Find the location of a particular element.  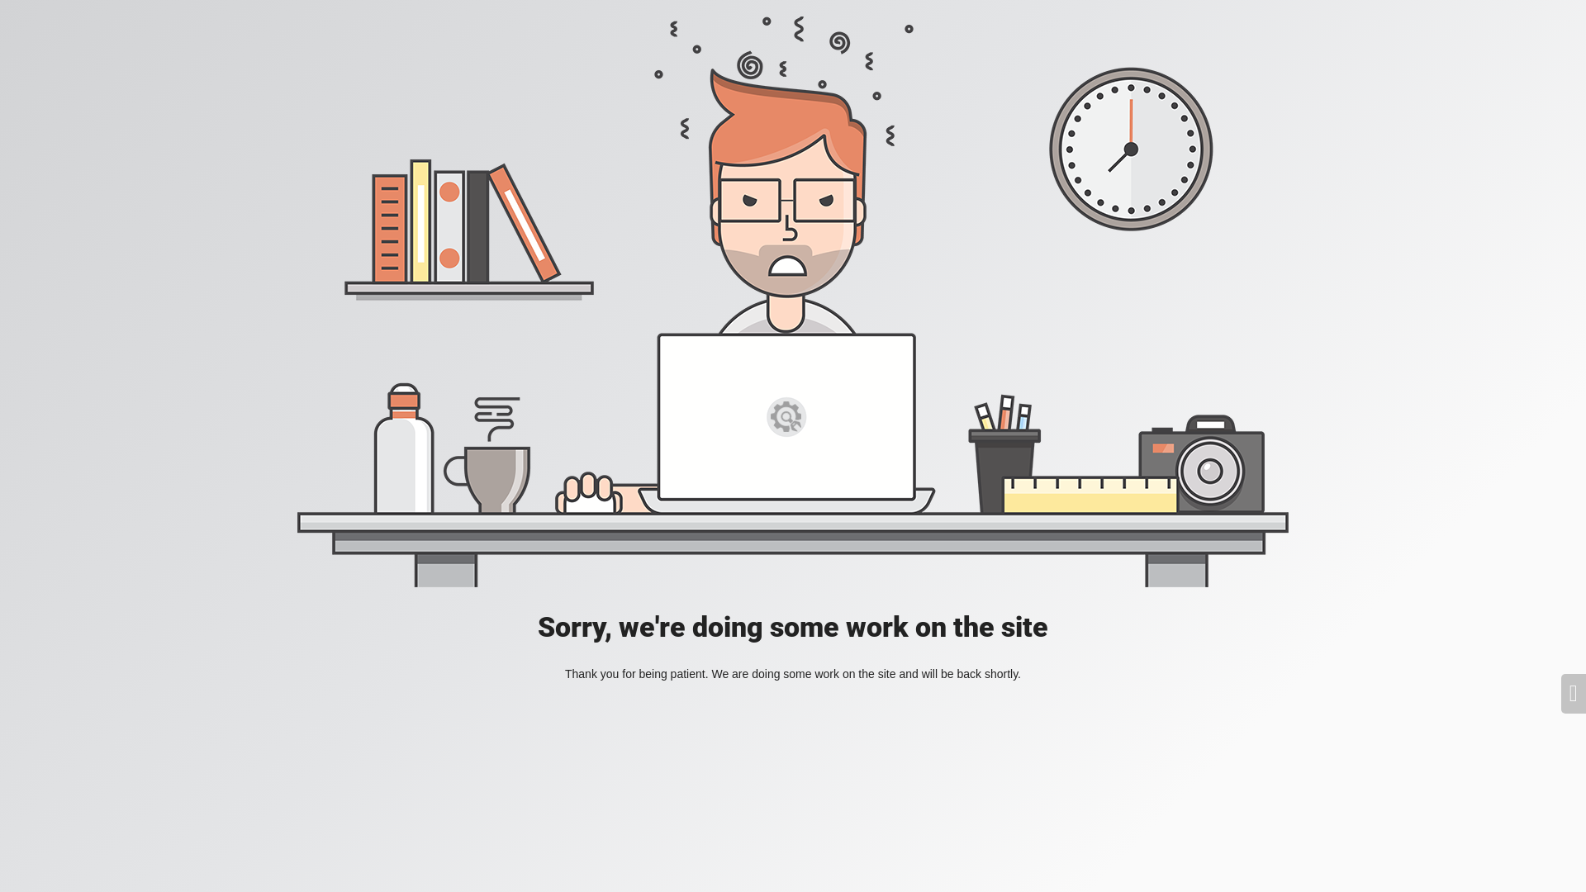

'Mad Designer at work' is located at coordinates (793, 301).